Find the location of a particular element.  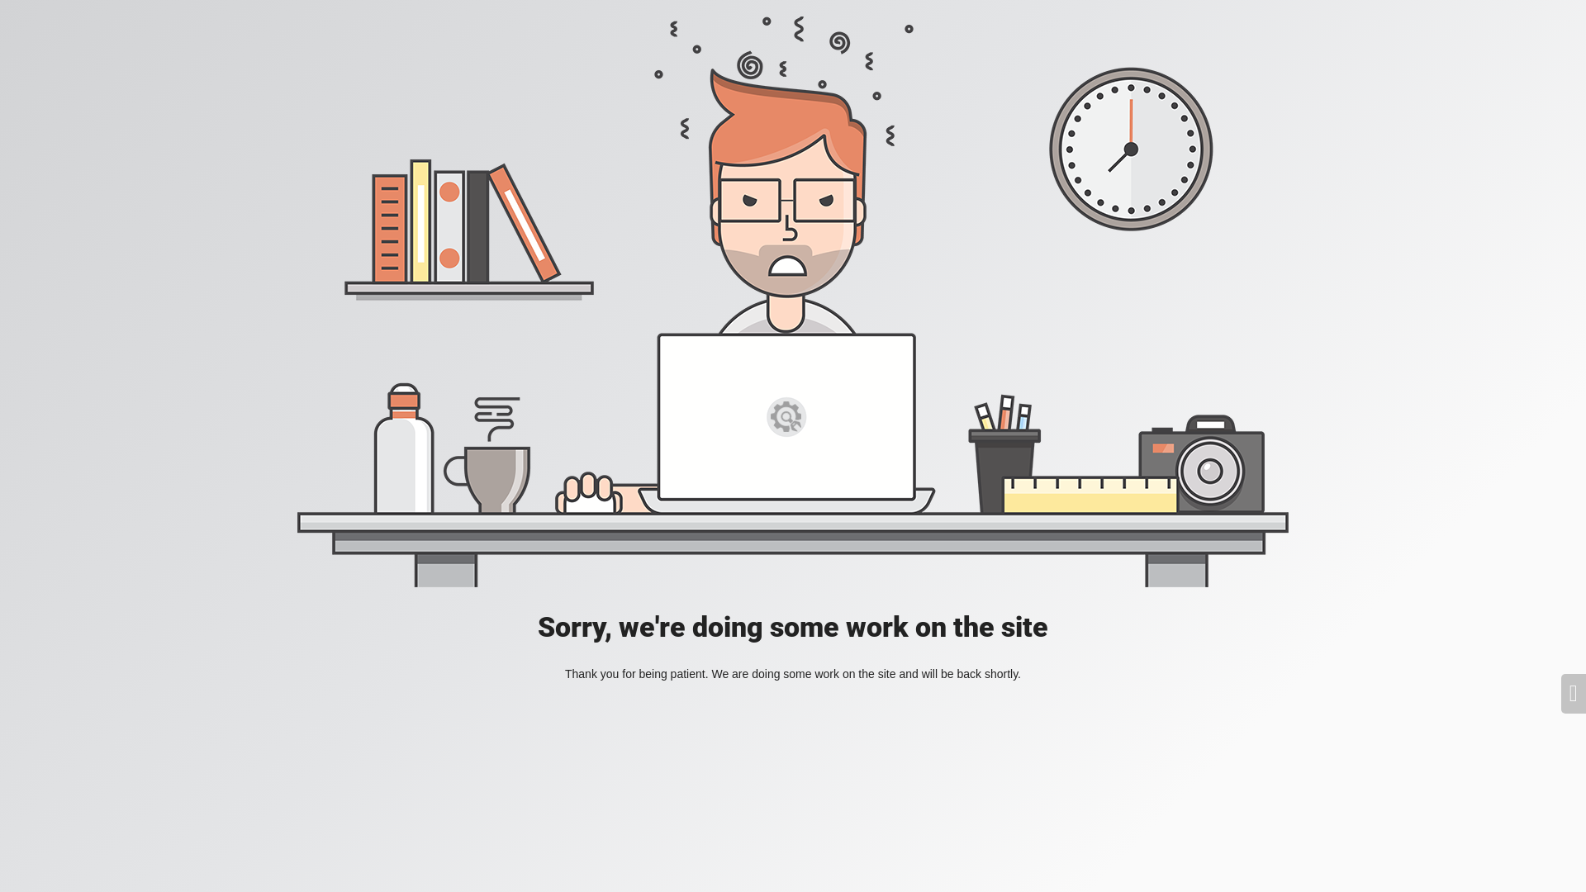

'Mad Designer at work' is located at coordinates (793, 301).